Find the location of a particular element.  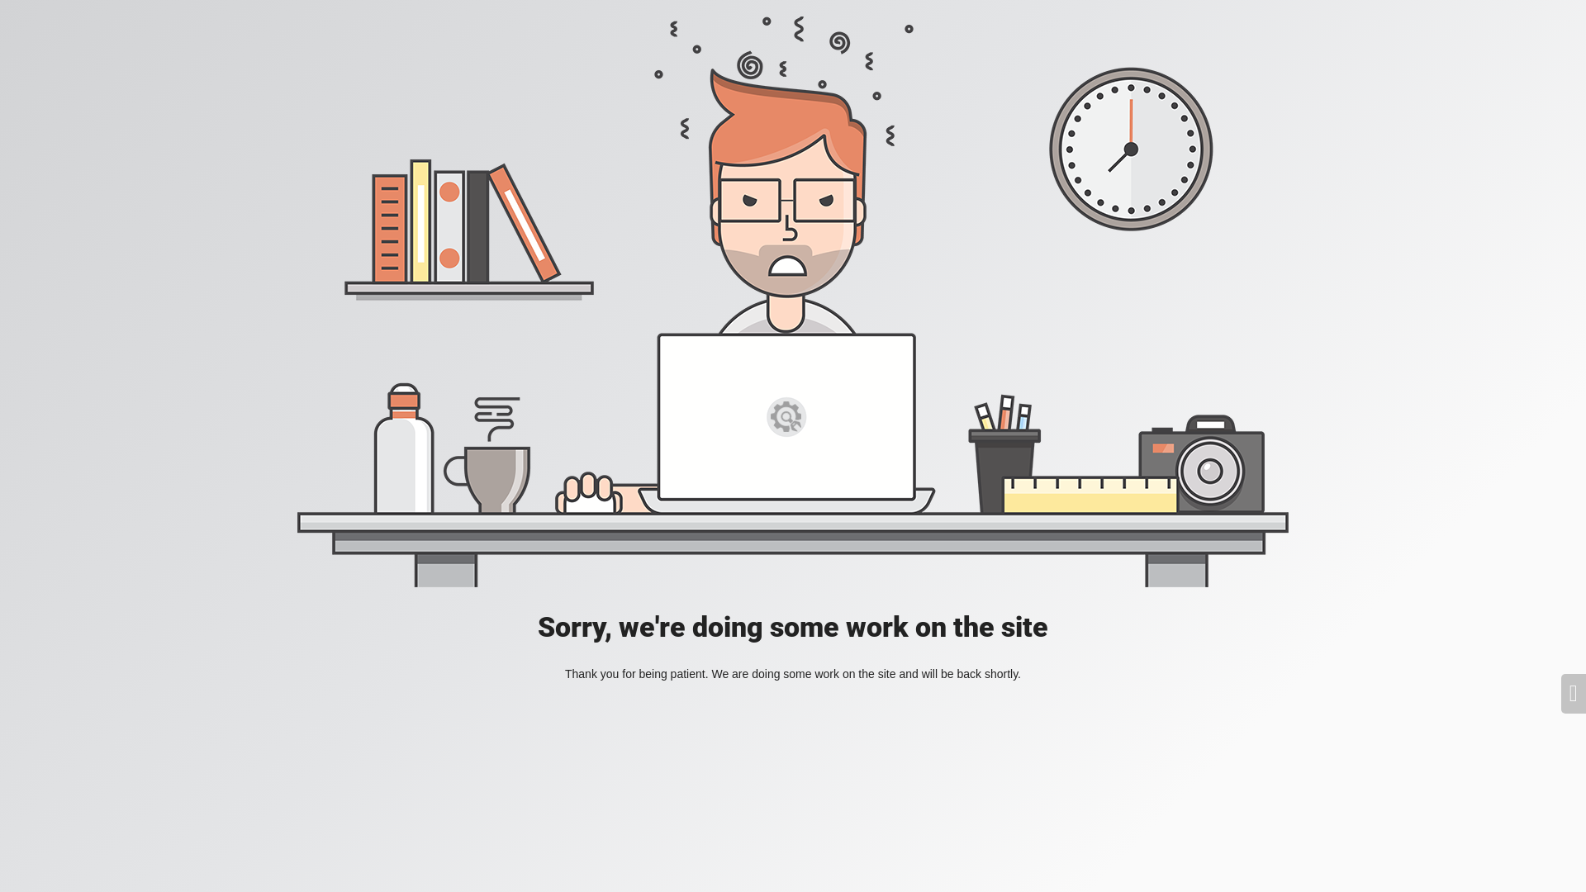

'Mad Designer at work' is located at coordinates (793, 301).